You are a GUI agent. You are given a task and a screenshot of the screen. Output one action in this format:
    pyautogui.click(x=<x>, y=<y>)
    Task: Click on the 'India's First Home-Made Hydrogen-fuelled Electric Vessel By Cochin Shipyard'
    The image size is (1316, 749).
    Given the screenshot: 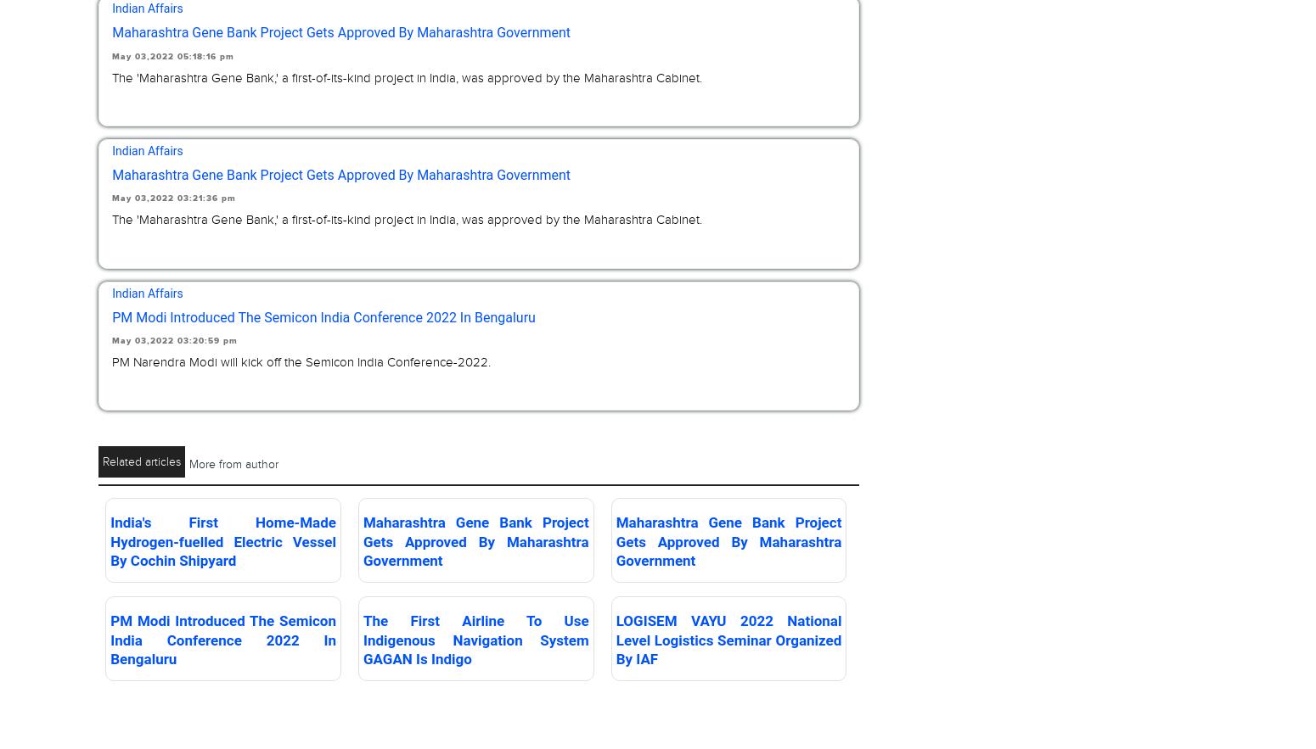 What is the action you would take?
    pyautogui.click(x=222, y=540)
    